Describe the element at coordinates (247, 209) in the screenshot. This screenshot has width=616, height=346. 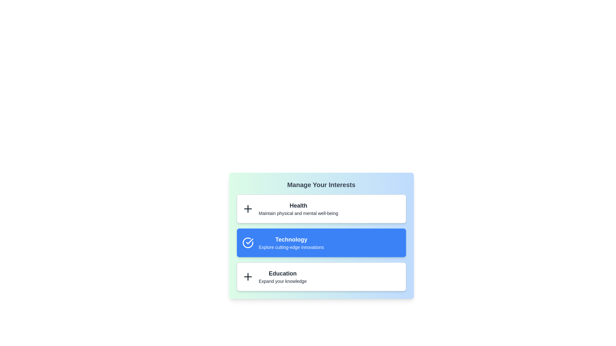
I see `the inactive item corresponding to Health to activate it` at that location.